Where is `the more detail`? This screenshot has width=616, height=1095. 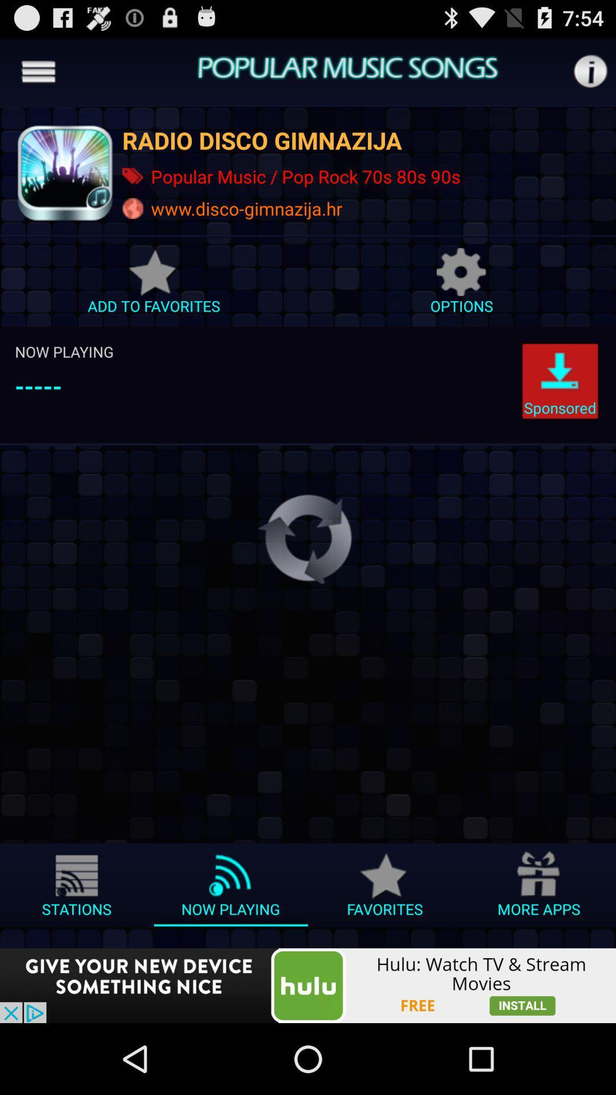 the more detail is located at coordinates (590, 71).